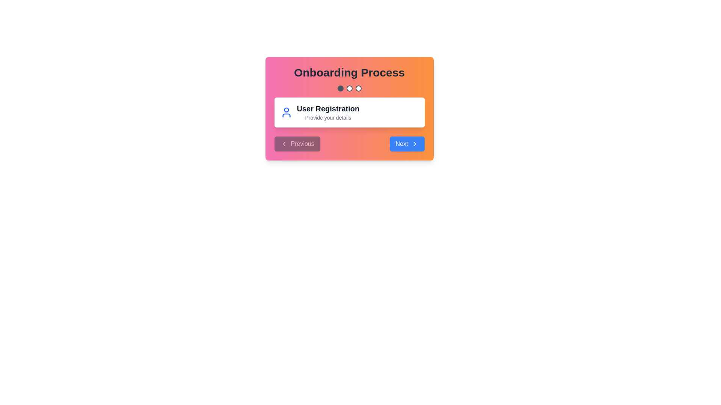 Image resolution: width=721 pixels, height=405 pixels. Describe the element at coordinates (349, 112) in the screenshot. I see `the section header that indicates 'User Registration' in the onboarding process, located at the top center of the white card` at that location.